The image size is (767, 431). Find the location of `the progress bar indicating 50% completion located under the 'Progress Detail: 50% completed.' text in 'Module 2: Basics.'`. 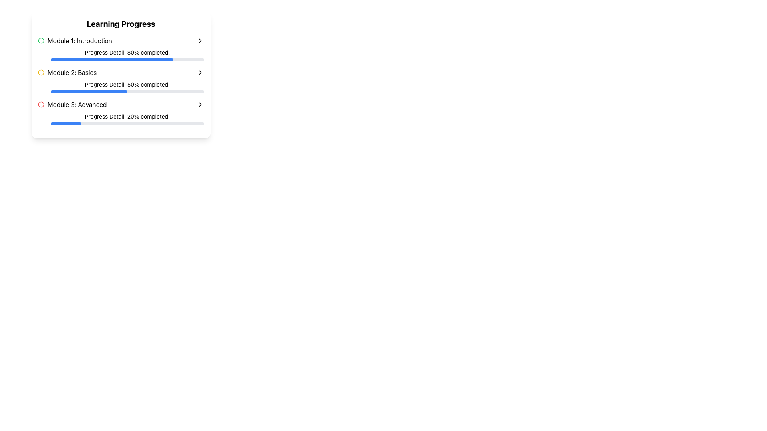

the progress bar indicating 50% completion located under the 'Progress Detail: 50% completed.' text in 'Module 2: Basics.' is located at coordinates (127, 91).